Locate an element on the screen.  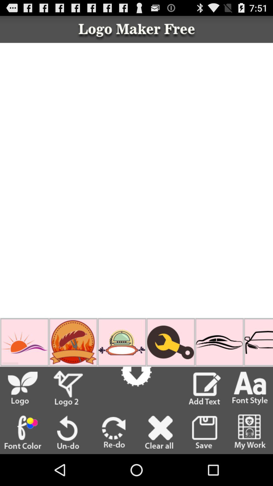
the redo icon is located at coordinates (114, 462).